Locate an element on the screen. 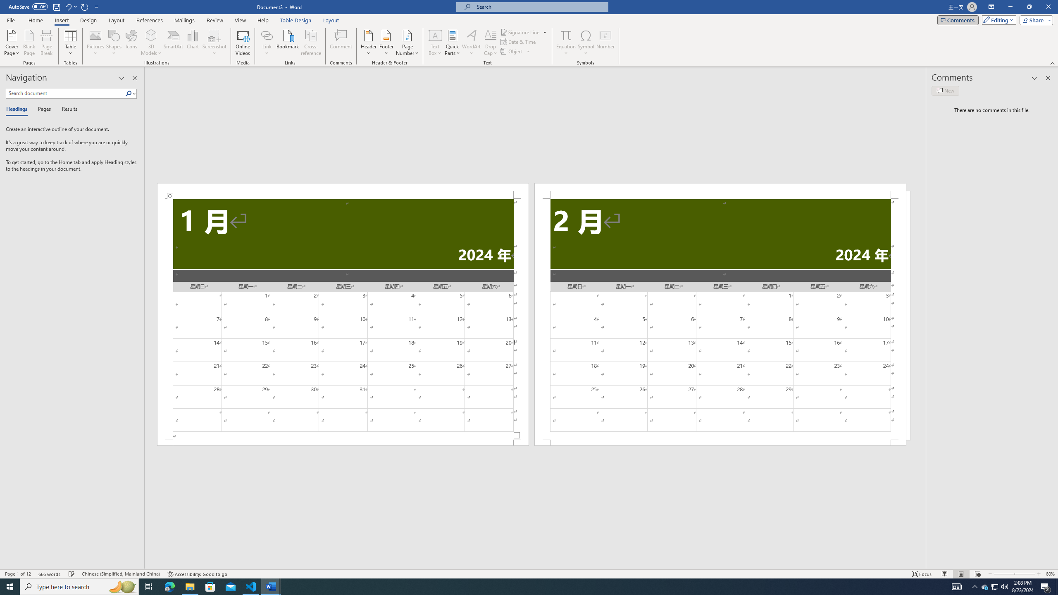 This screenshot has width=1058, height=595. 'Signature Line' is located at coordinates (524, 32).